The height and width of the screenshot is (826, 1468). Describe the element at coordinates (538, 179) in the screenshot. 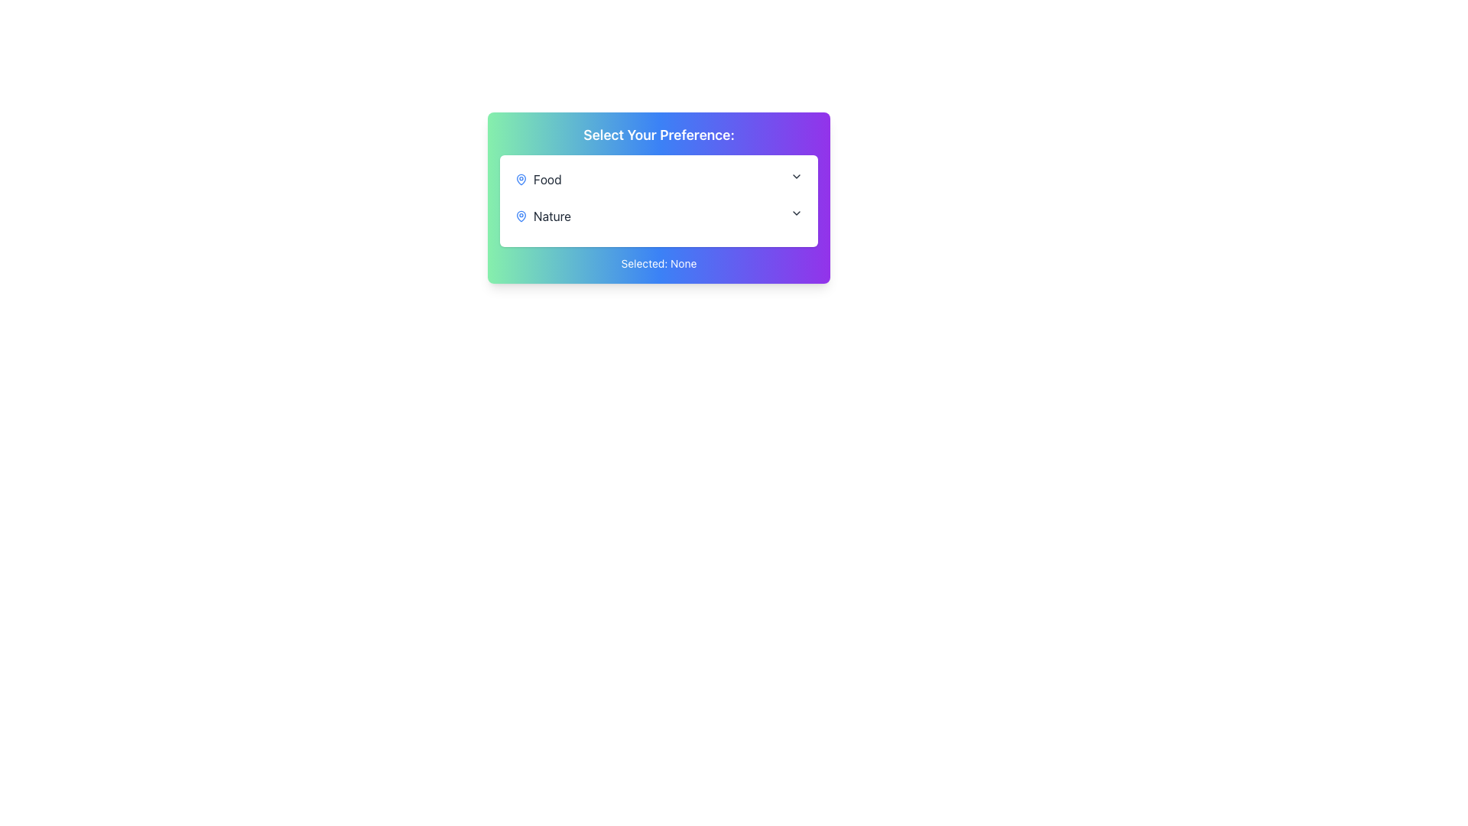

I see `the 'Food' preference selection label located at the top of the vertical list in the 'Select Your Preference' card` at that location.